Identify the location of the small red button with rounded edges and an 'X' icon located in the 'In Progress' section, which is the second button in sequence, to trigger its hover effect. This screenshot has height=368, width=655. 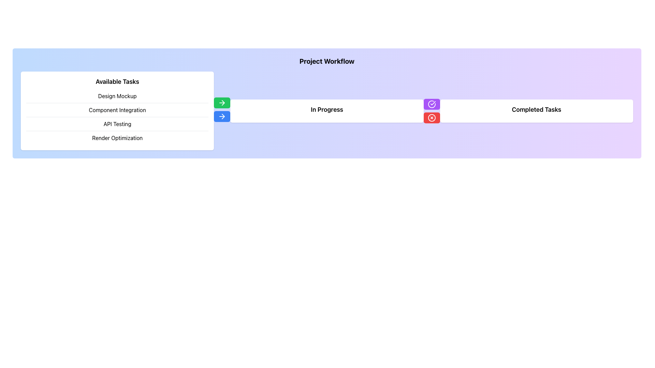
(431, 117).